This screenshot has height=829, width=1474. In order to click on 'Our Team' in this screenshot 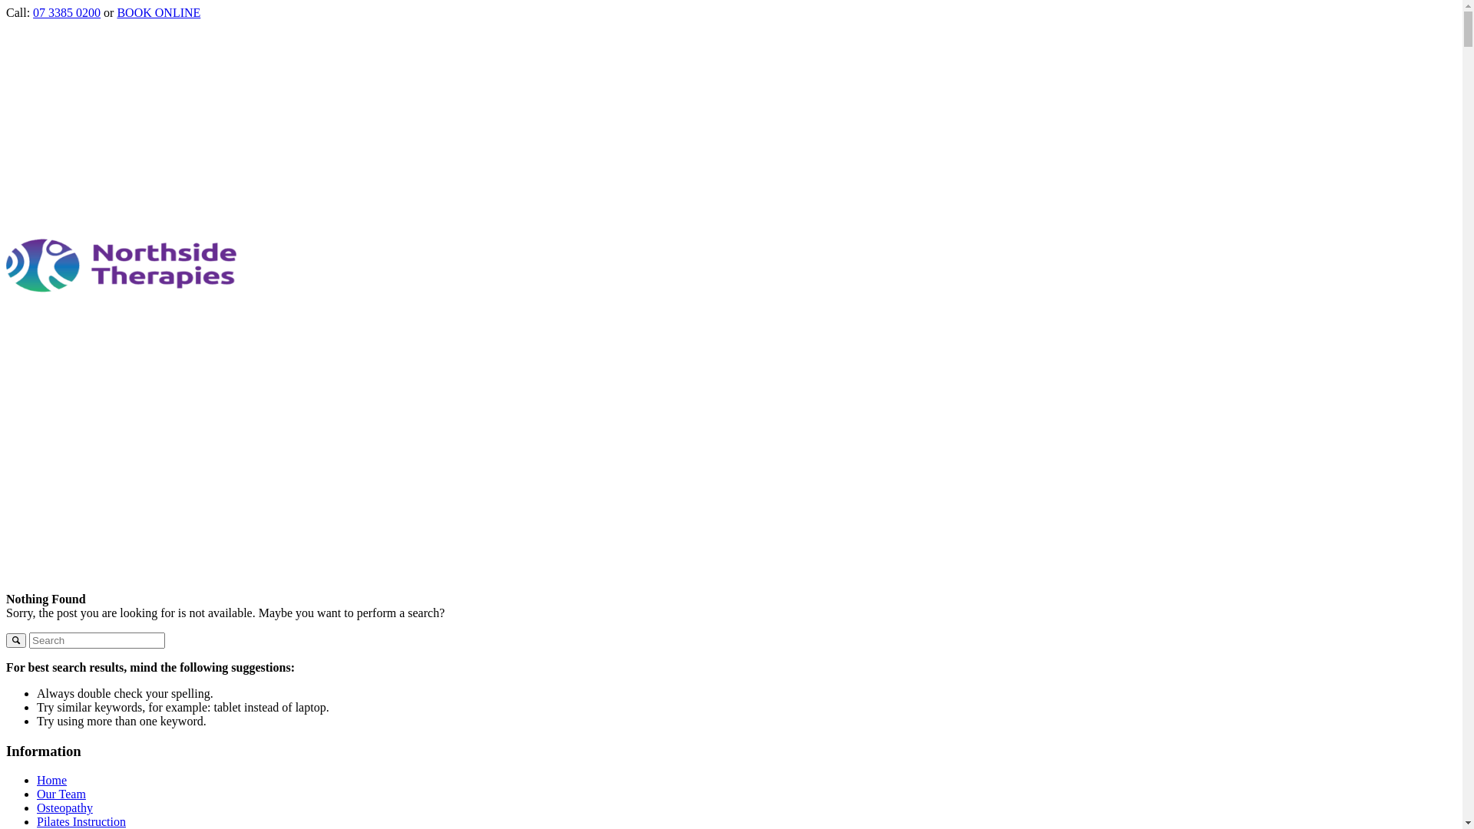, I will do `click(61, 794)`.